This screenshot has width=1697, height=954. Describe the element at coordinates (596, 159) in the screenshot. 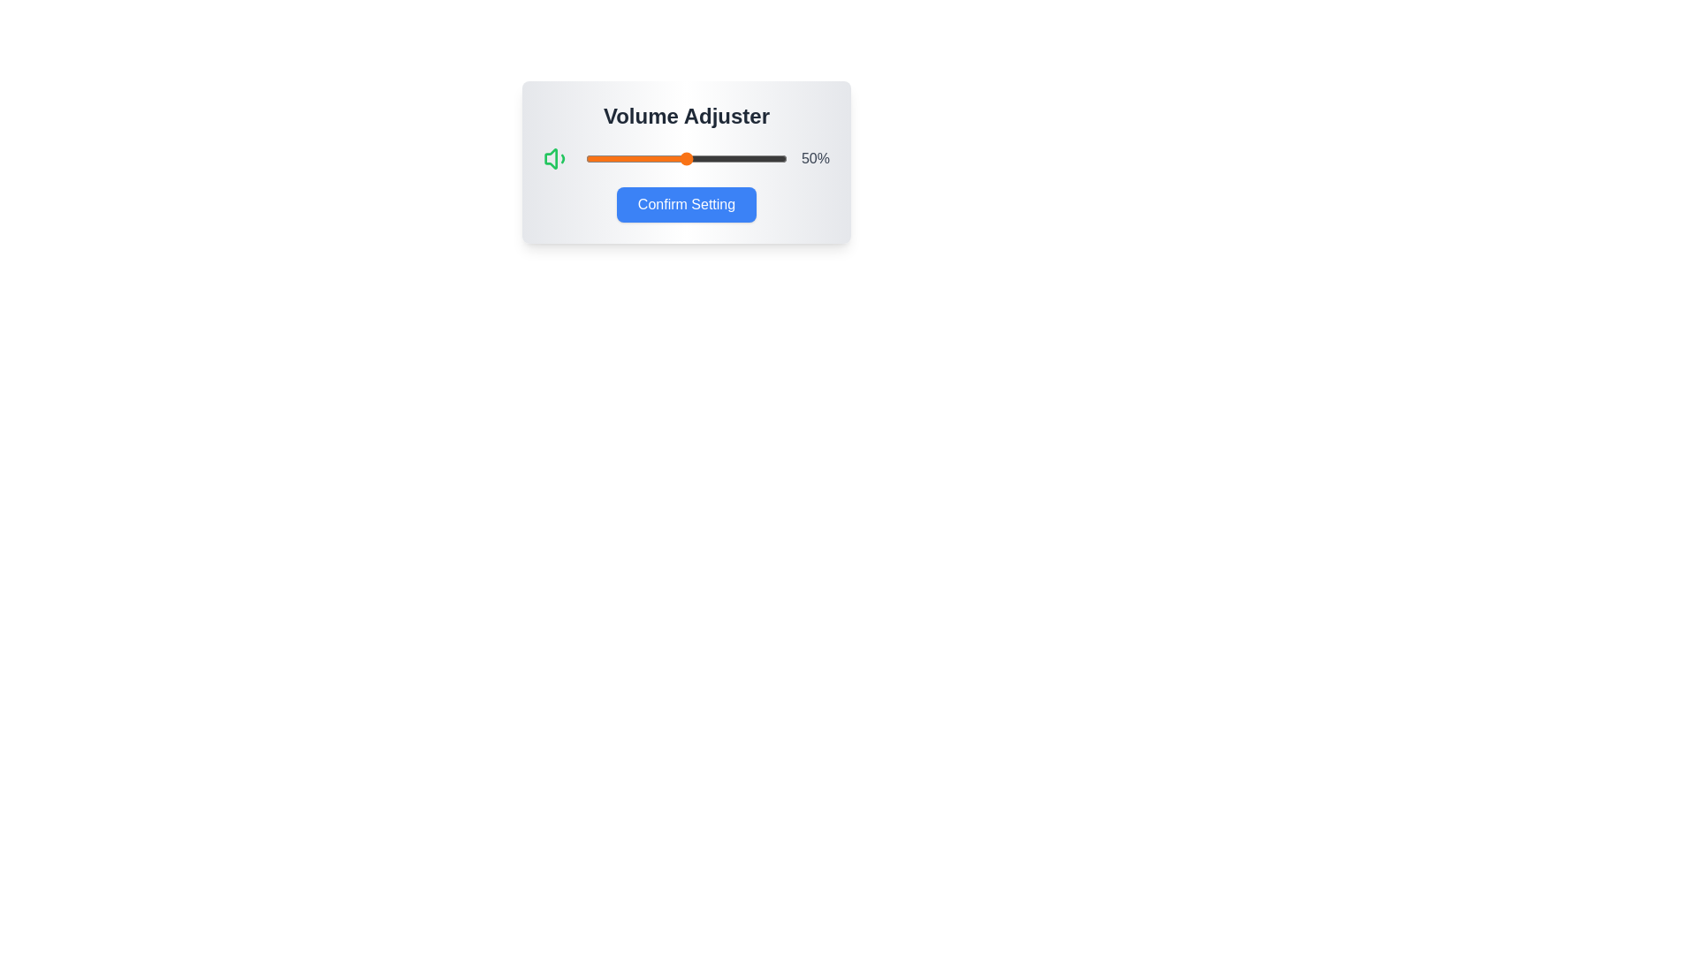

I see `the volume slider to 5%` at that location.